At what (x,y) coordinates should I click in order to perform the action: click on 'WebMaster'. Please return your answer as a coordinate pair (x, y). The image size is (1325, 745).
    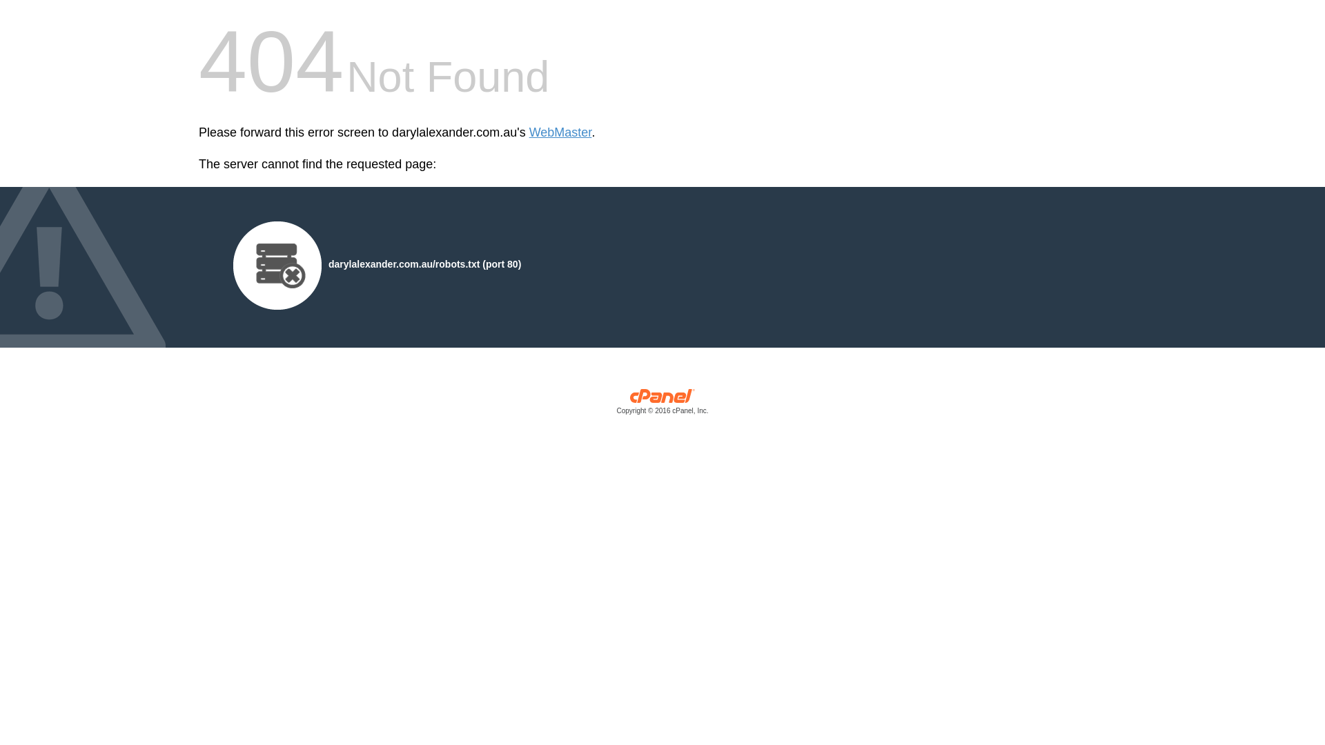
    Looking at the image, I should click on (529, 132).